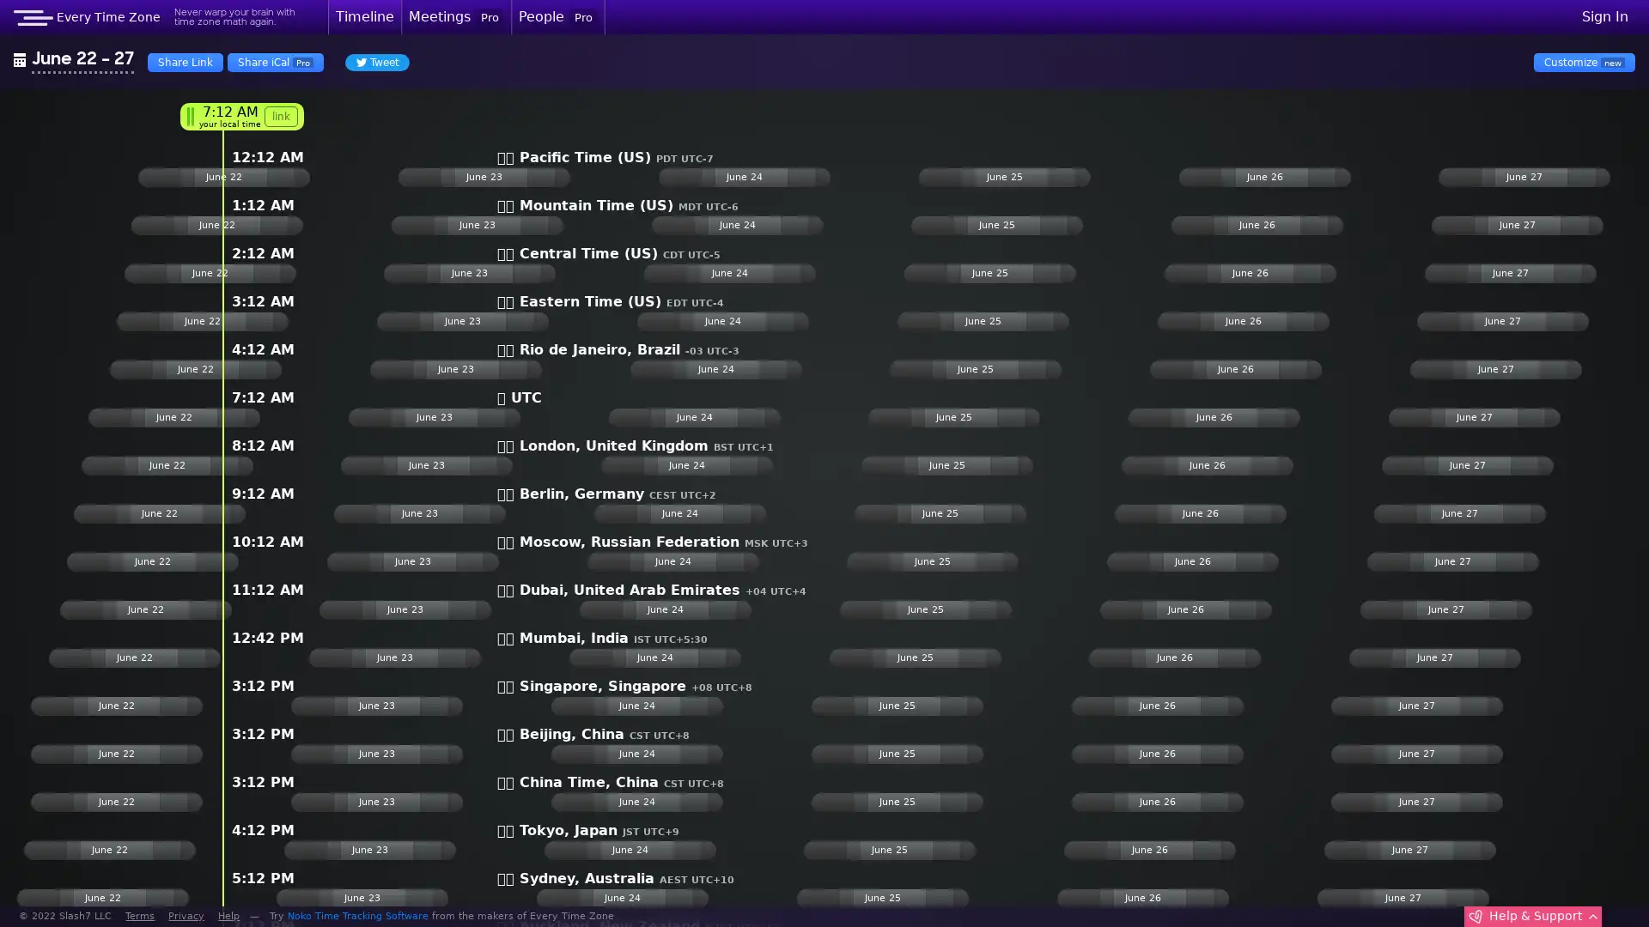 The width and height of the screenshot is (1649, 927). What do you see at coordinates (593, 116) in the screenshot?
I see `link` at bounding box center [593, 116].